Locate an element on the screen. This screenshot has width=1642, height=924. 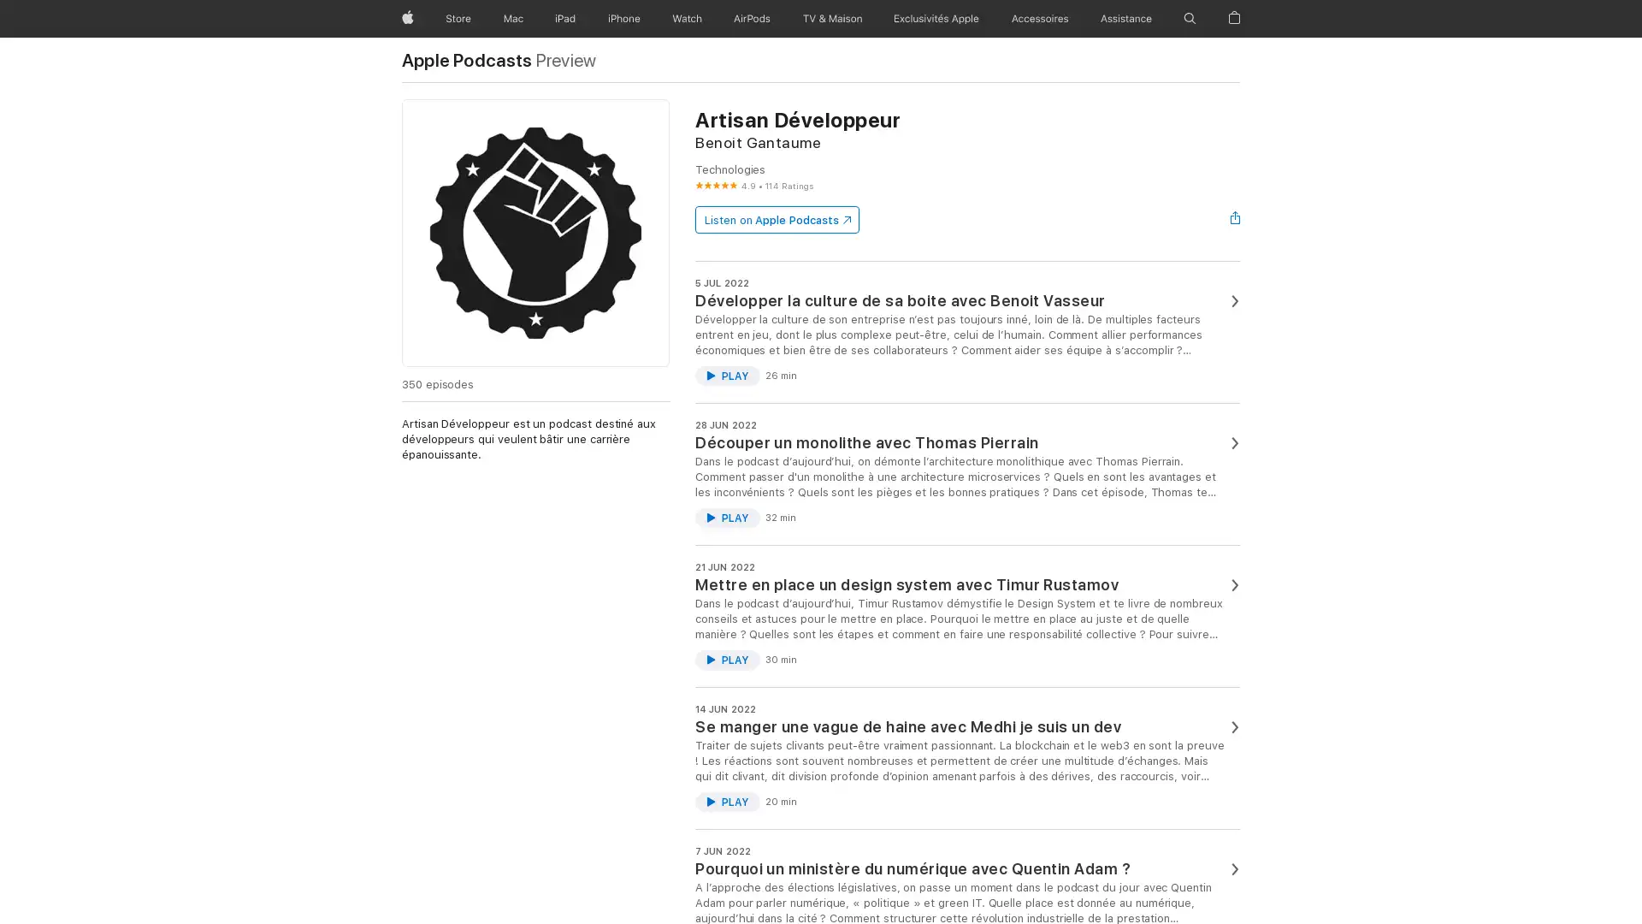
Play Se manger une vague de haine avec Medhi je suis un dev by @@podcastArtist@@ is located at coordinates (727, 802).